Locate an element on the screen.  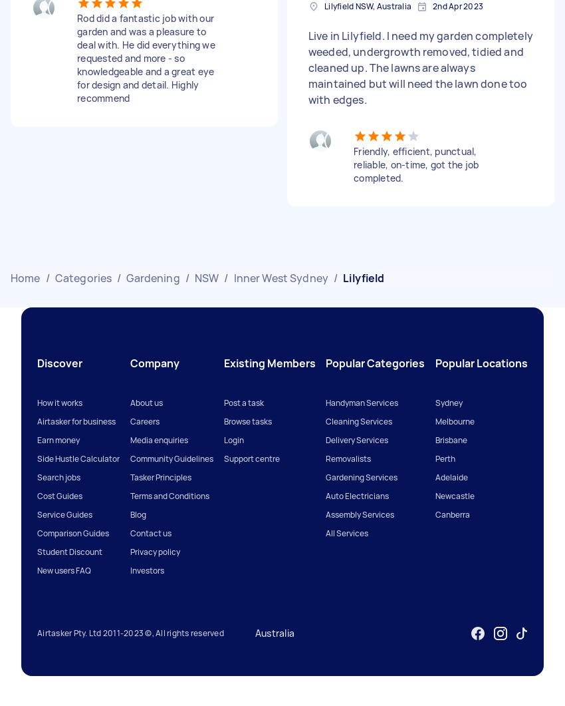
'2nd Apr 2023' is located at coordinates (457, 6).